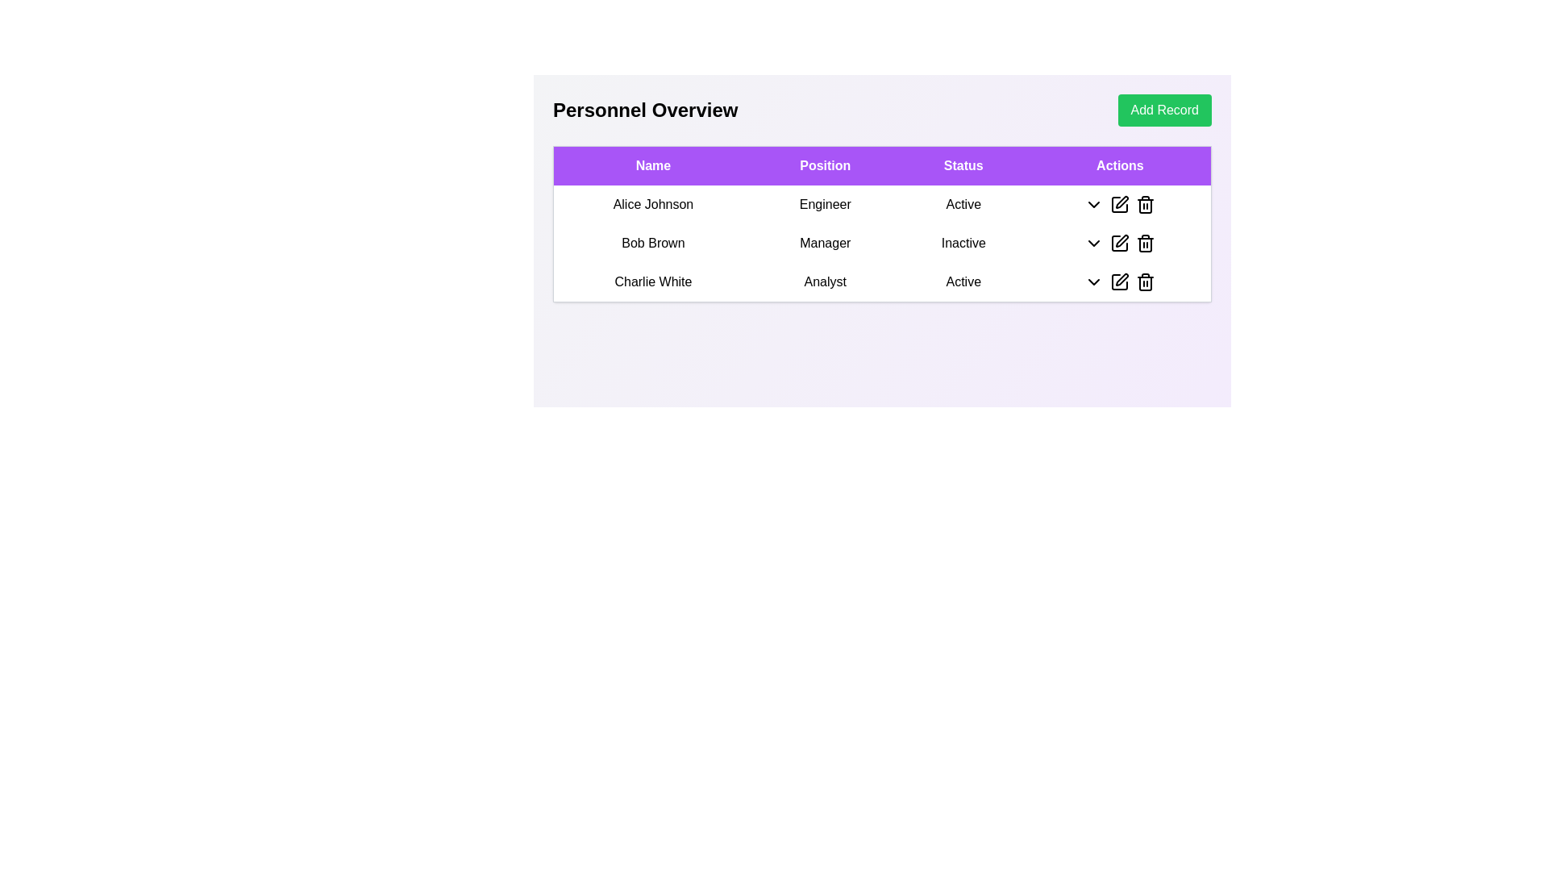  What do you see at coordinates (1145, 204) in the screenshot?
I see `the delete button for 'Alice Johnson' in the personnel table, which is the third icon in the 'Actions' column` at bounding box center [1145, 204].